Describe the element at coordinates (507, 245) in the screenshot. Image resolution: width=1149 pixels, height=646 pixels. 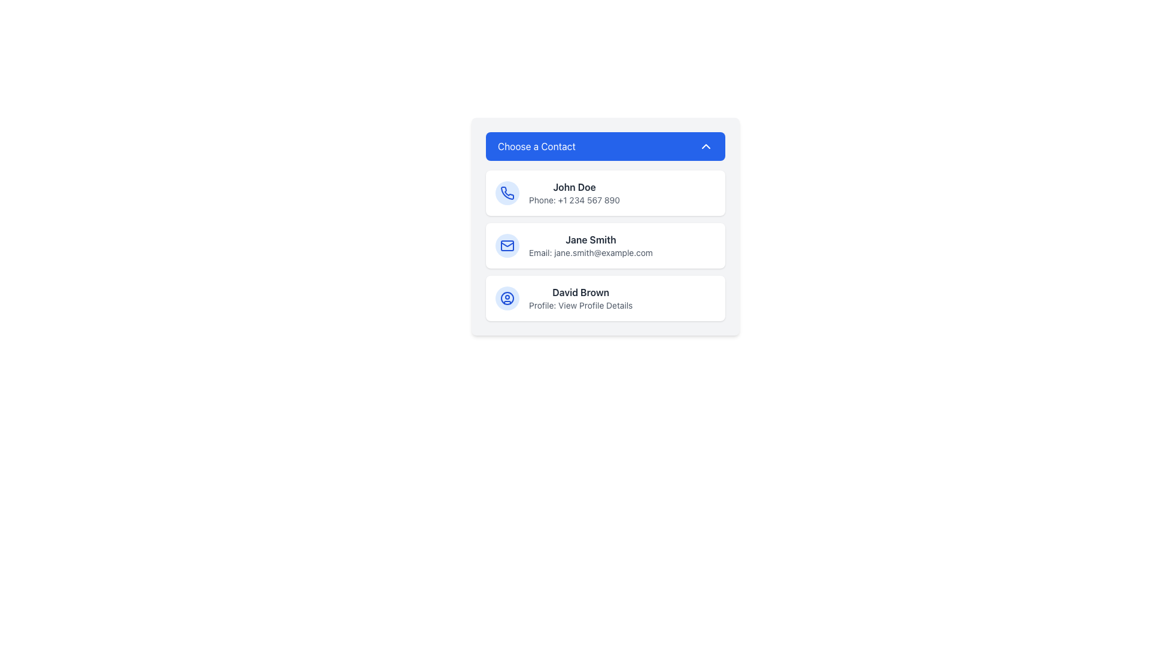
I see `the envelope icon representing email information, located to the left of 'Jane Smith' and 'Email: jane.smith@example.com', which is the second icon in a vertical list of buttons` at that location.